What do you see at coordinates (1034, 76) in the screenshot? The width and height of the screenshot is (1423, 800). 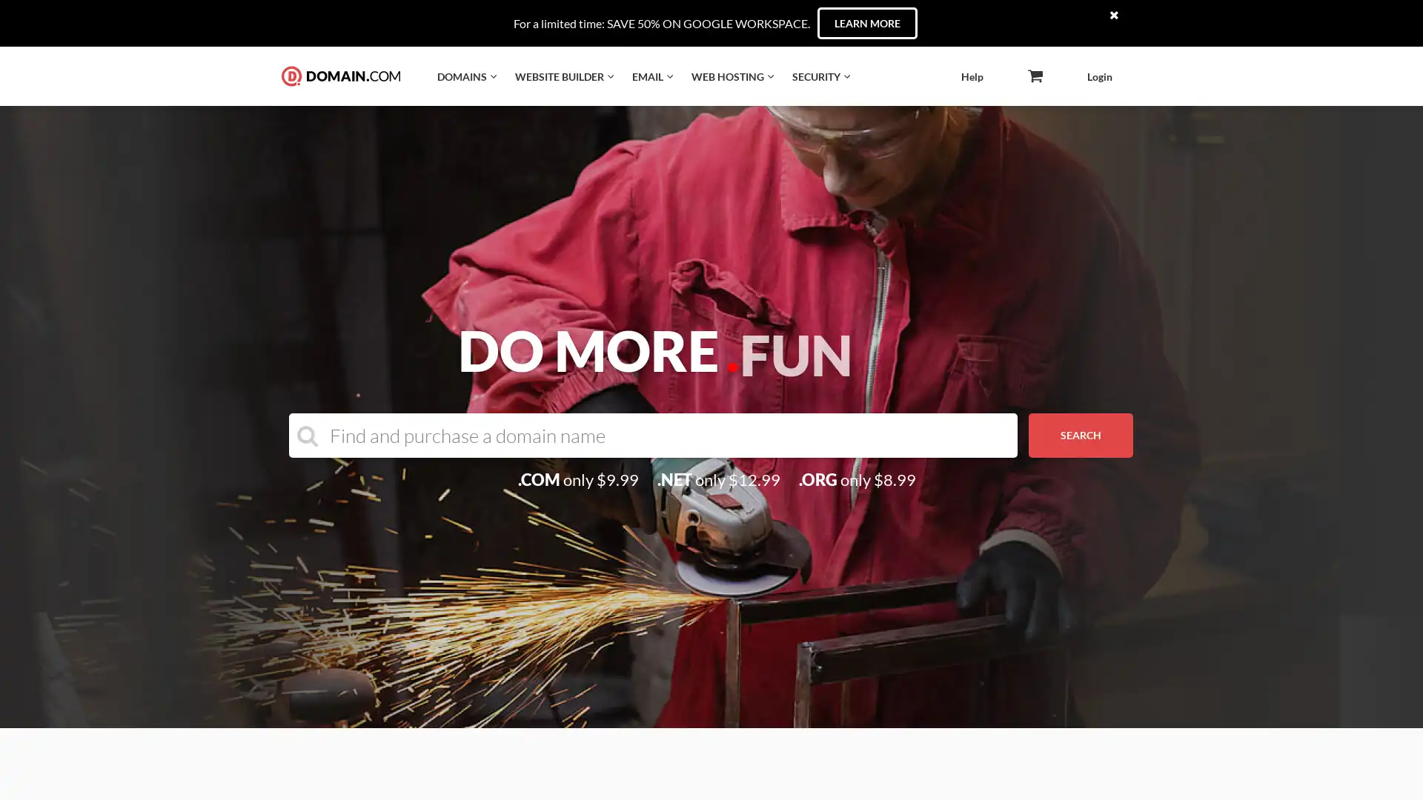 I see `angle-down icon` at bounding box center [1034, 76].